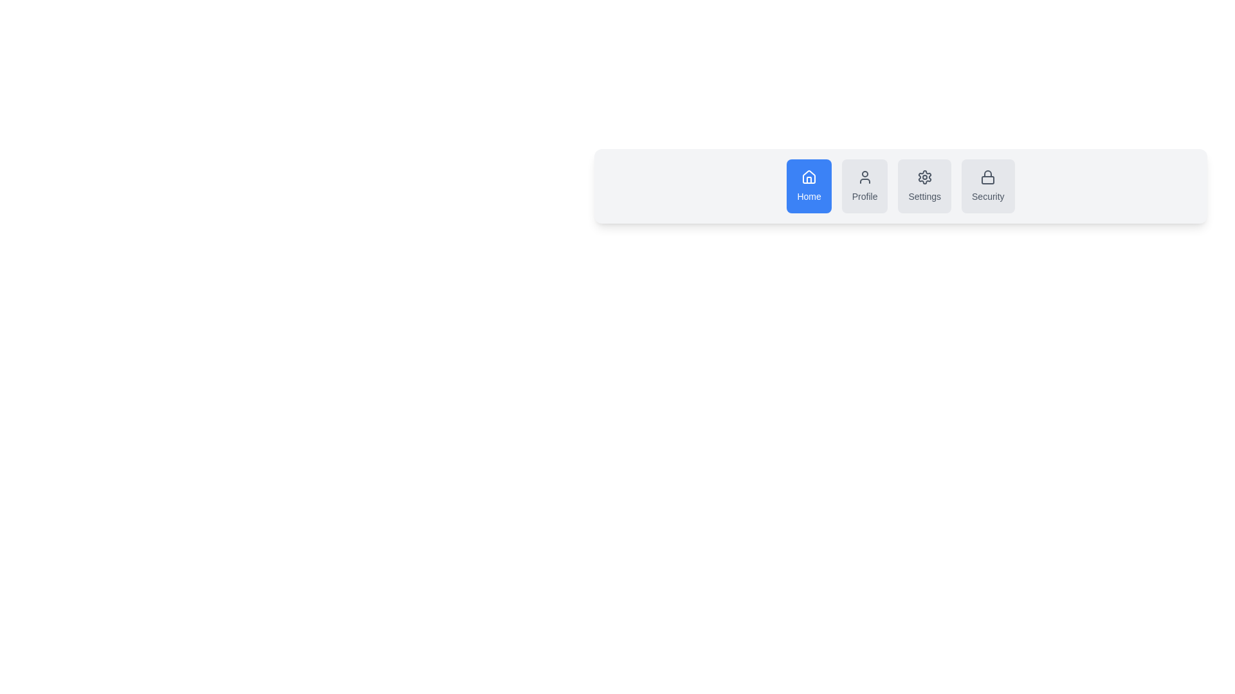  Describe the element at coordinates (864, 186) in the screenshot. I see `the Profile button` at that location.